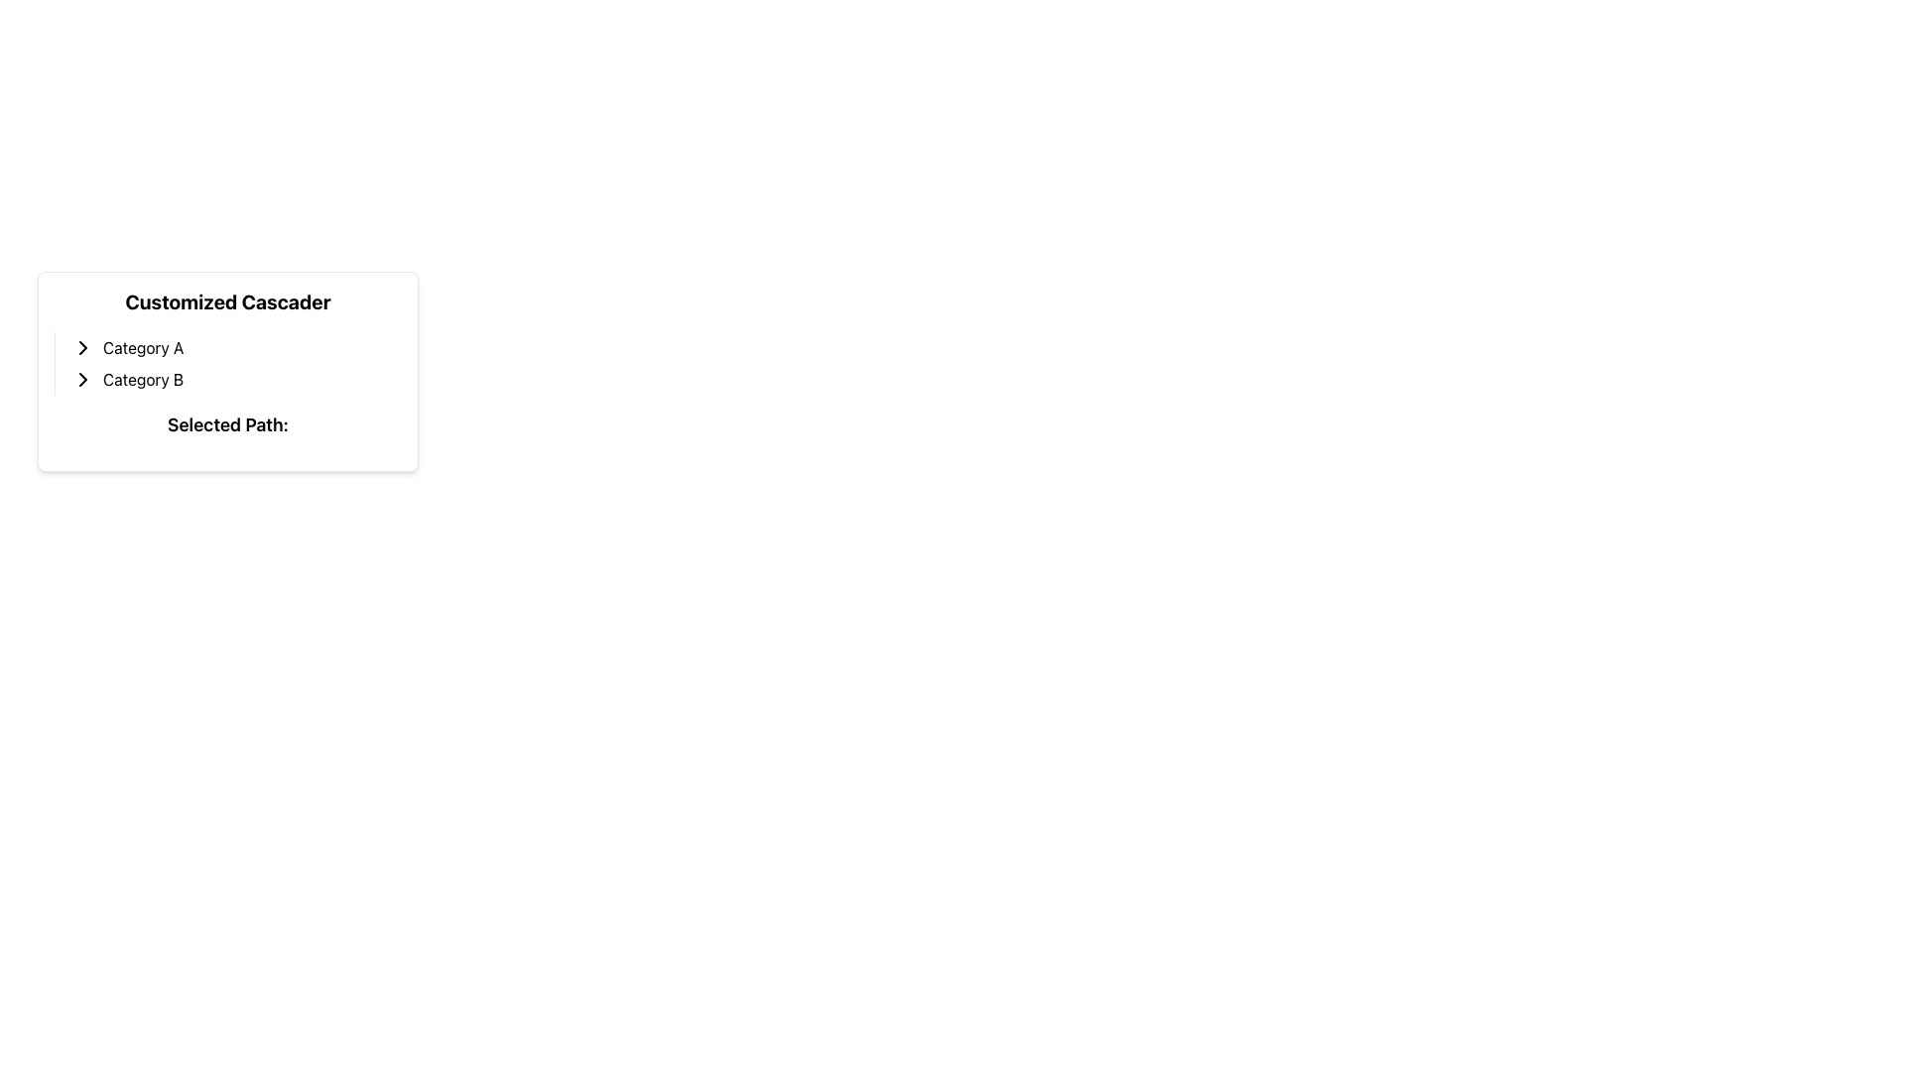 Image resolution: width=1905 pixels, height=1071 pixels. Describe the element at coordinates (142, 347) in the screenshot. I see `the text label that serves as a title for a selectable category within the cascading menu` at that location.